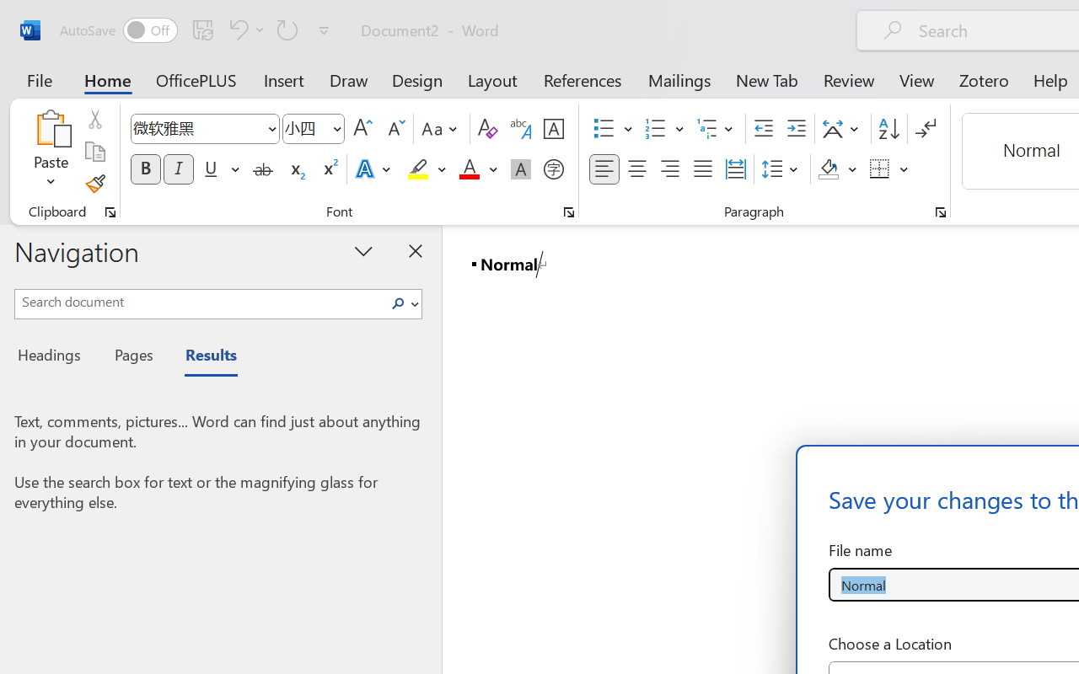 The width and height of the screenshot is (1079, 674). I want to click on 'Character Border', so click(553, 129).